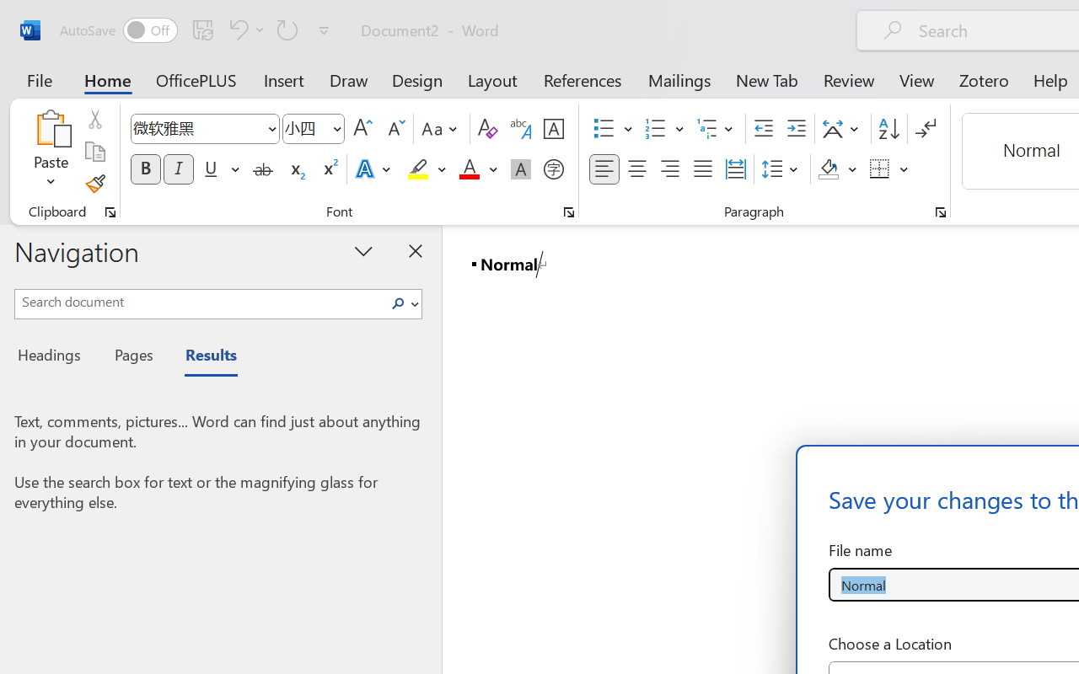 The width and height of the screenshot is (1079, 674). I want to click on 'Character Border', so click(553, 129).